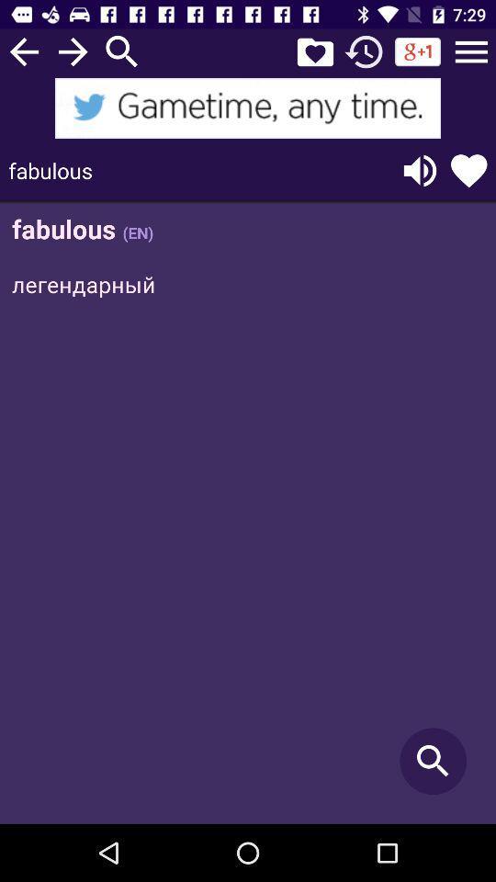  I want to click on the menu icon, so click(471, 51).